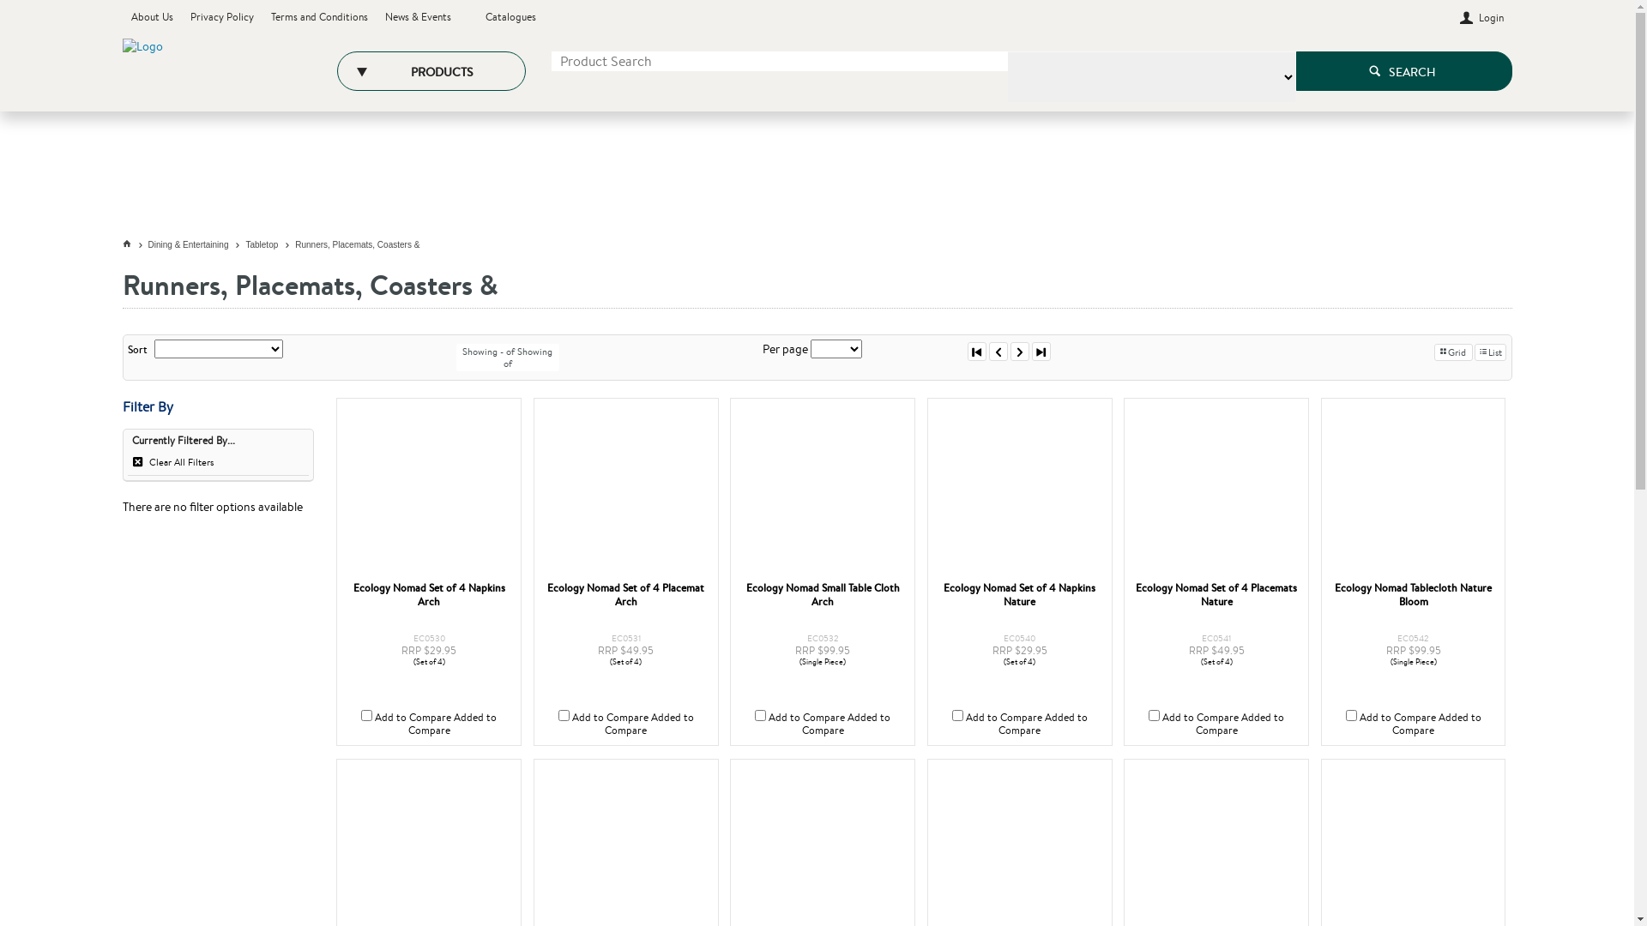  I want to click on 'Add to Compare', so click(1004, 717).